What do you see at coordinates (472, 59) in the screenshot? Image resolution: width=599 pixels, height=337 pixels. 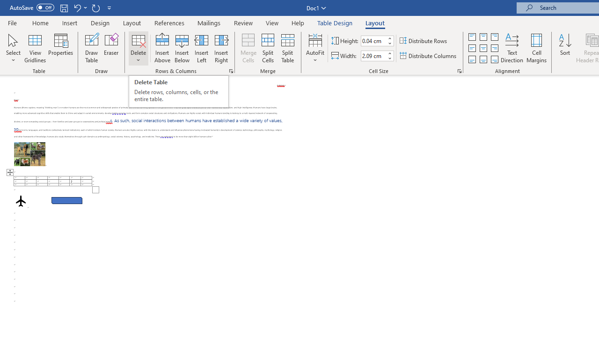 I see `'Align Bottom Justified'` at bounding box center [472, 59].